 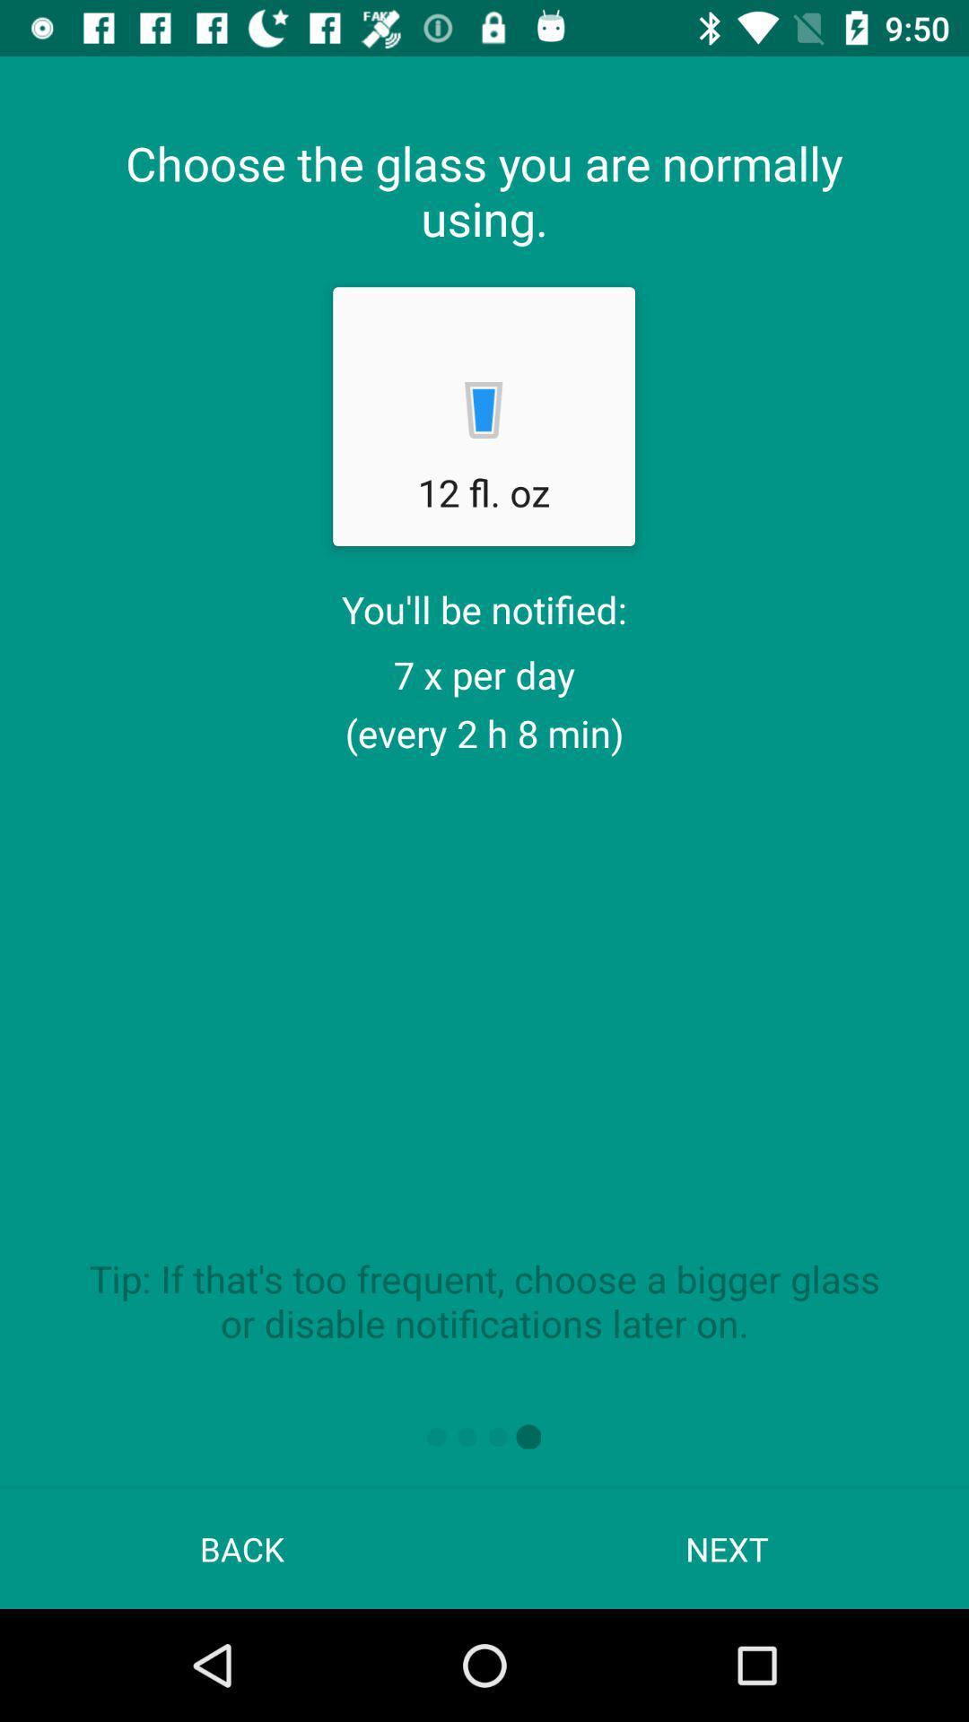 What do you see at coordinates (242, 1548) in the screenshot?
I see `back at the bottom left corner` at bounding box center [242, 1548].